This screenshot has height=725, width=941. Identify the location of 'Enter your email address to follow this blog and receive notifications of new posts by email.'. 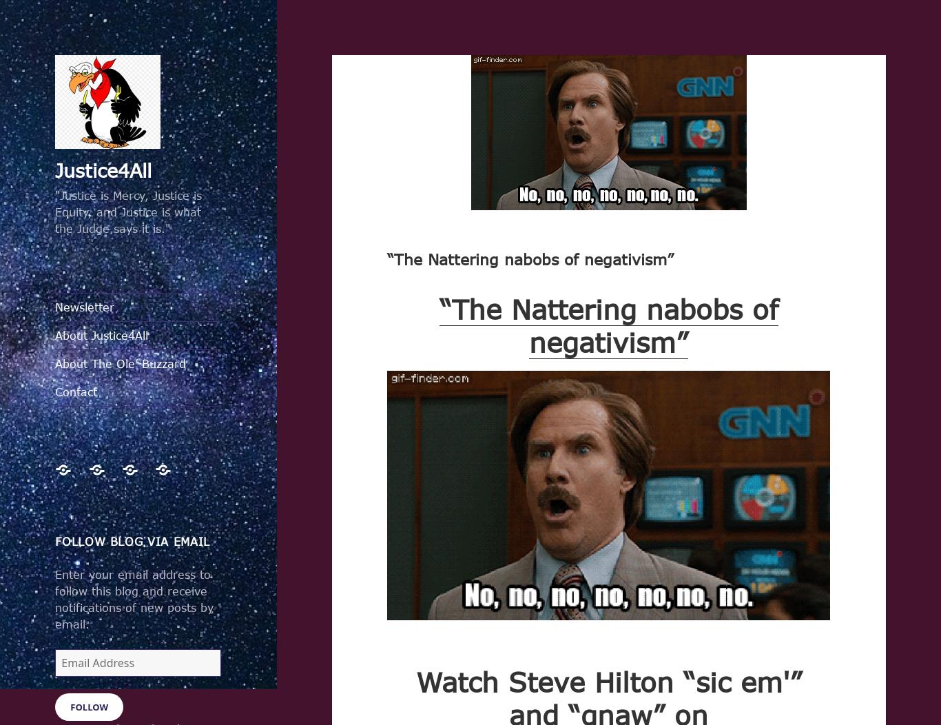
(55, 598).